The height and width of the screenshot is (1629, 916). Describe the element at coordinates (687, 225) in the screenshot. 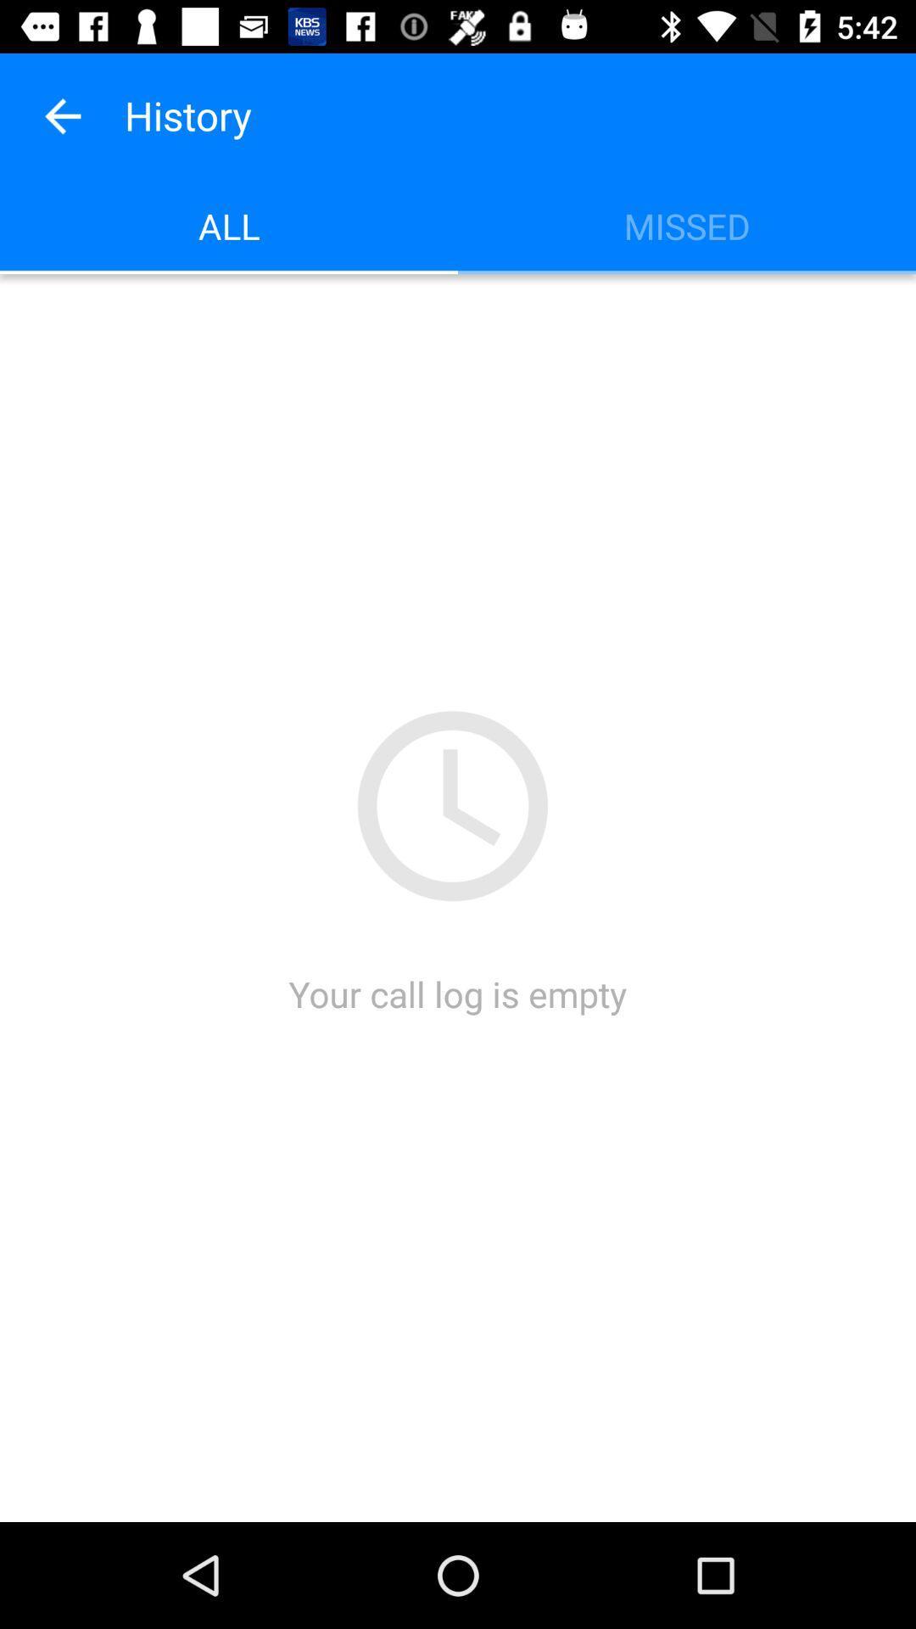

I see `missed` at that location.